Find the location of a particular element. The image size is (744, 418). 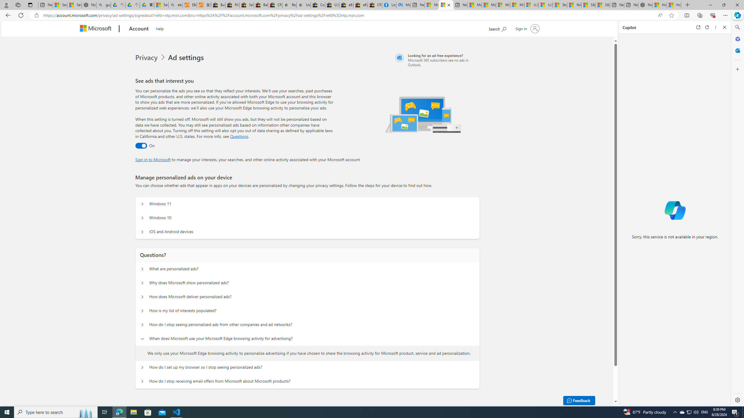

'Open link in new tab' is located at coordinates (698, 27).